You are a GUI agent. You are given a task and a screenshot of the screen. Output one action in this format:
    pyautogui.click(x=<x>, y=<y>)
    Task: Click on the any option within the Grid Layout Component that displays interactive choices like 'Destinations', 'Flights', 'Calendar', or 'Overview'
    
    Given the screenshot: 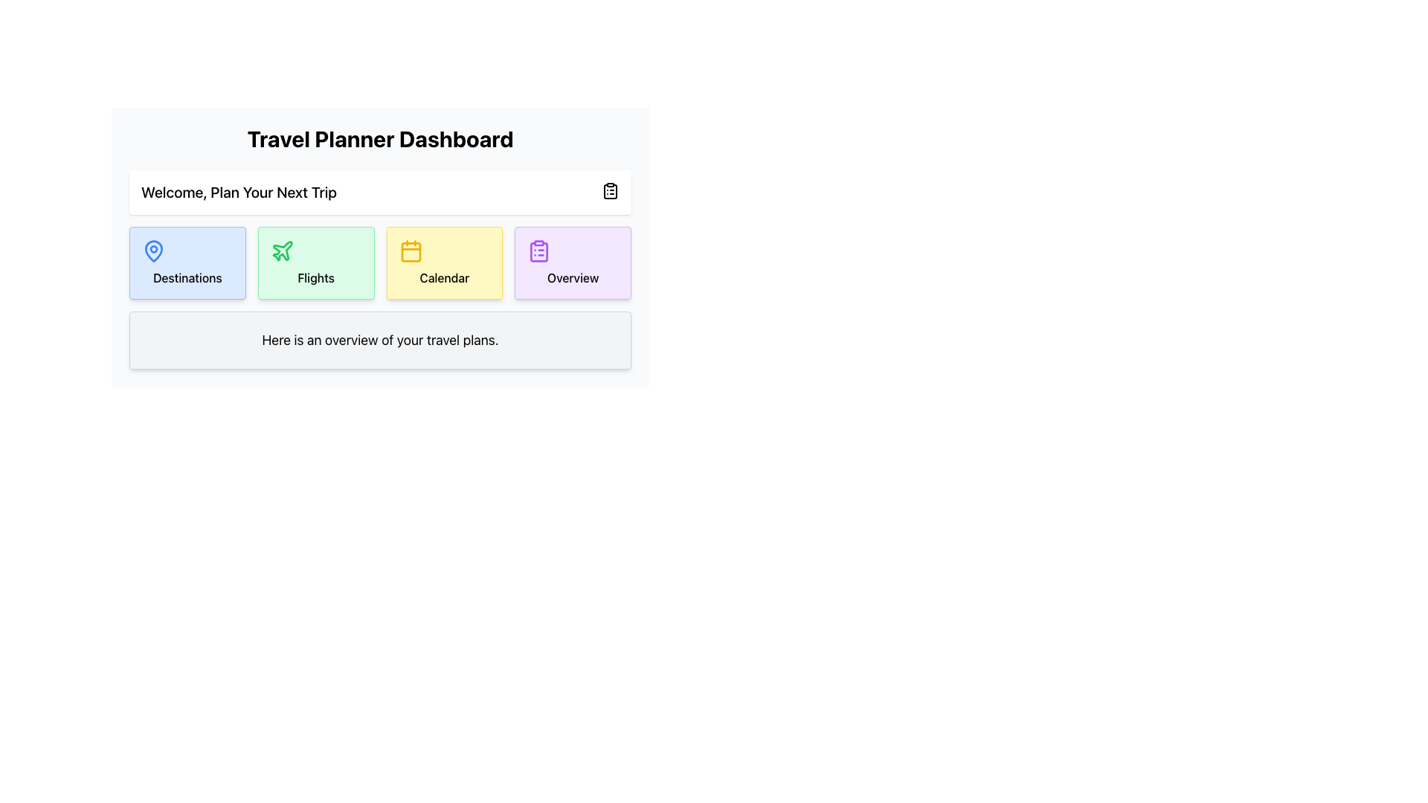 What is the action you would take?
    pyautogui.click(x=380, y=269)
    